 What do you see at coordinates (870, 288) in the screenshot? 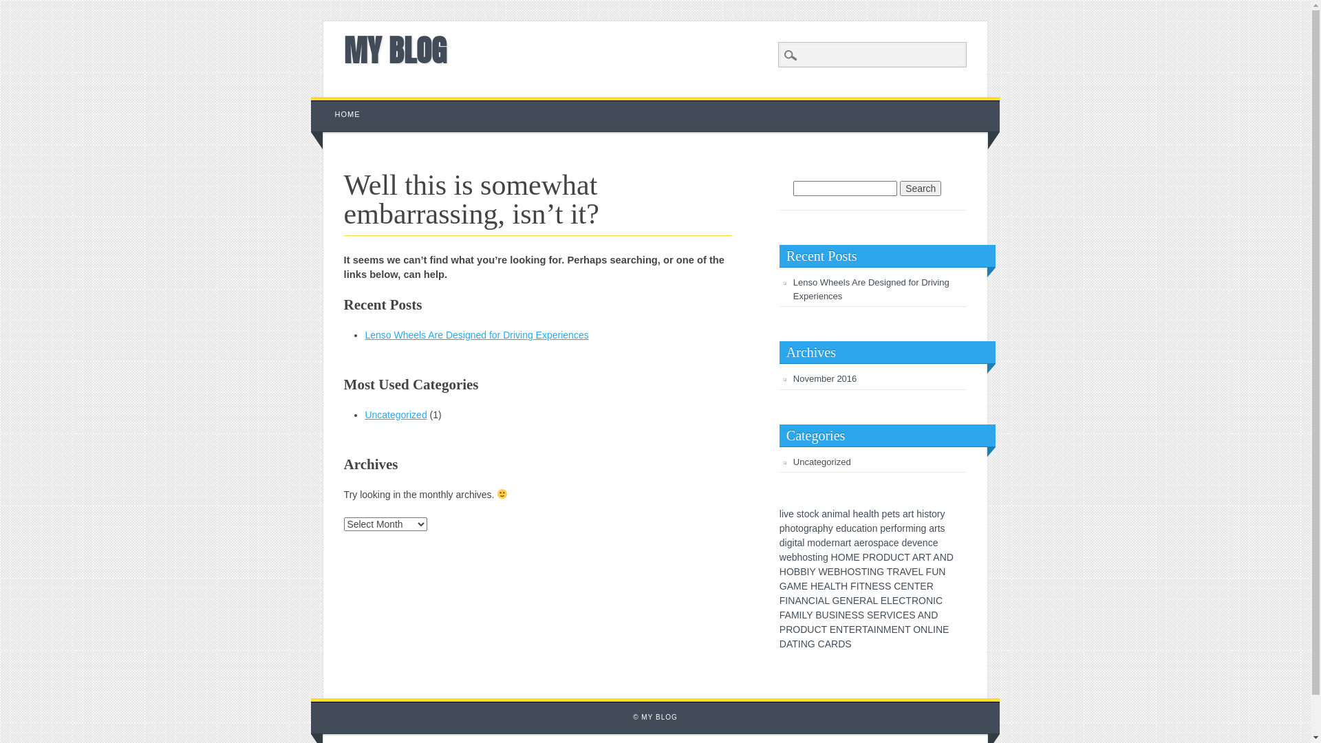
I see `'Lenso Wheels Are Designed for Driving Experiences'` at bounding box center [870, 288].